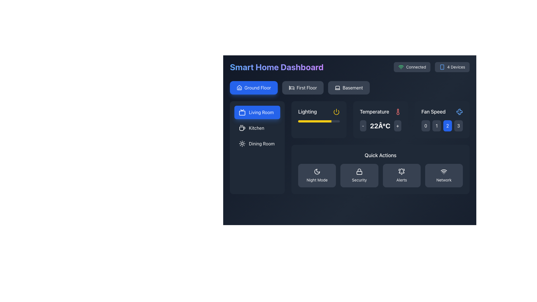  Describe the element at coordinates (456, 67) in the screenshot. I see `the information displayed in the text label indicating the number of devices connected to the system, located in the top-right corner of the application interface` at that location.